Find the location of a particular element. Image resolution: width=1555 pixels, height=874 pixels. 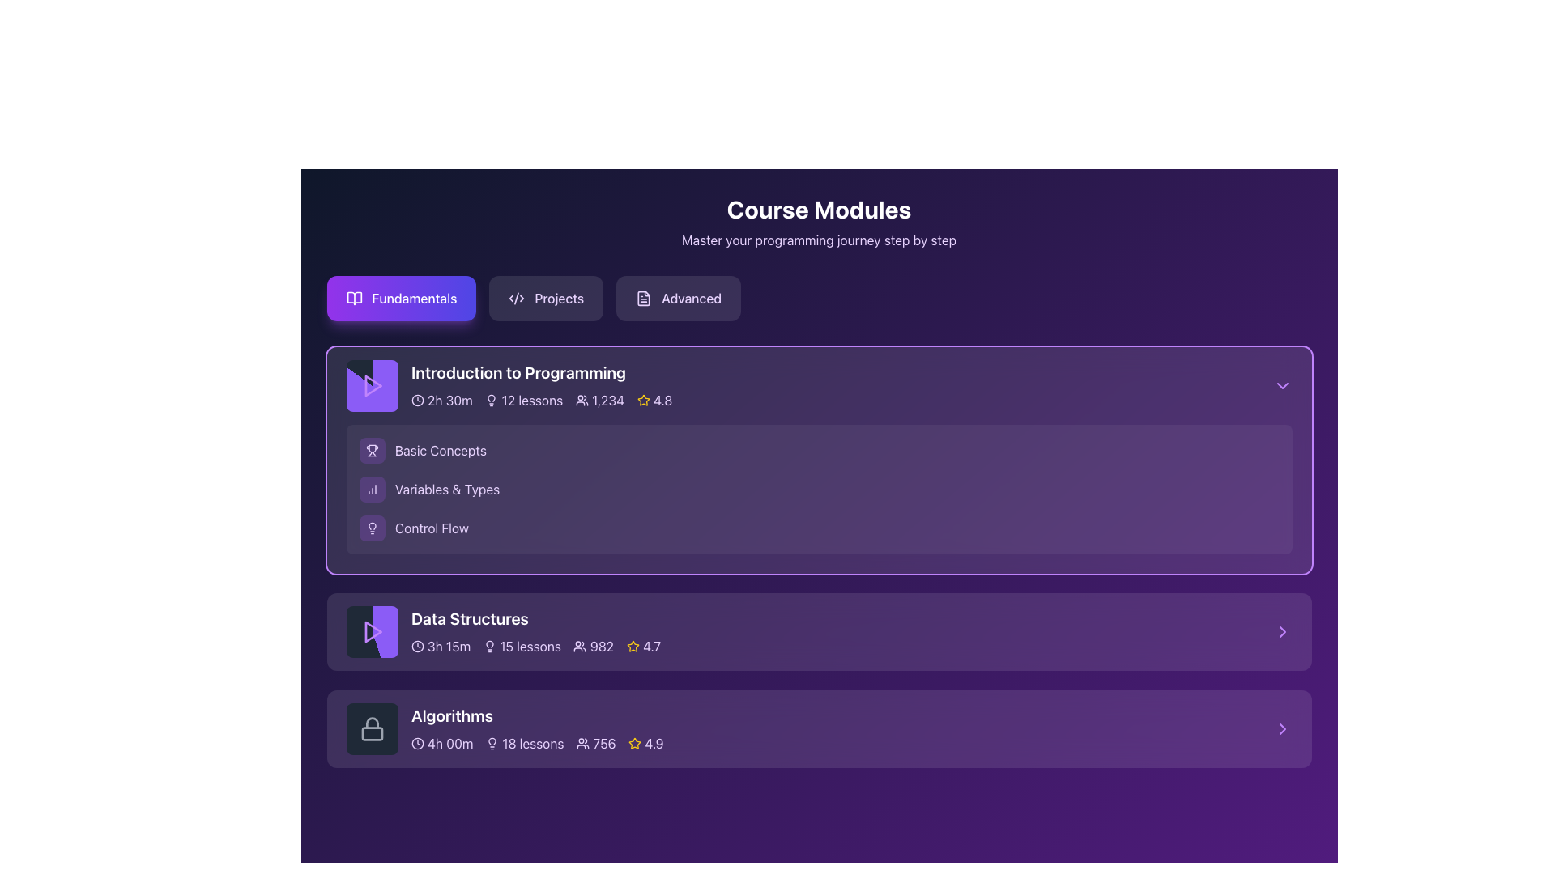

the 'Advanced' button, which contains a small graphic icon resembling a document with a text layout is located at coordinates (643, 299).